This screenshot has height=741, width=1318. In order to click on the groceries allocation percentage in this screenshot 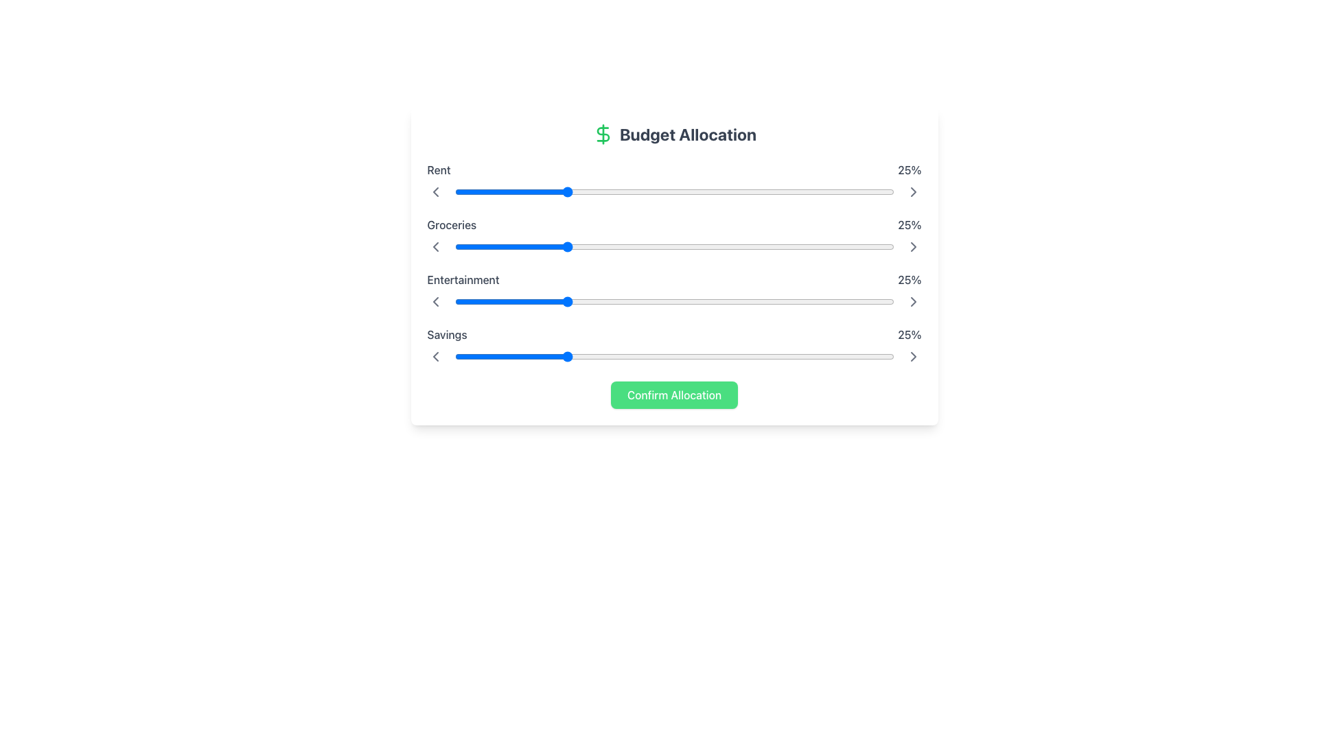, I will do `click(498, 246)`.